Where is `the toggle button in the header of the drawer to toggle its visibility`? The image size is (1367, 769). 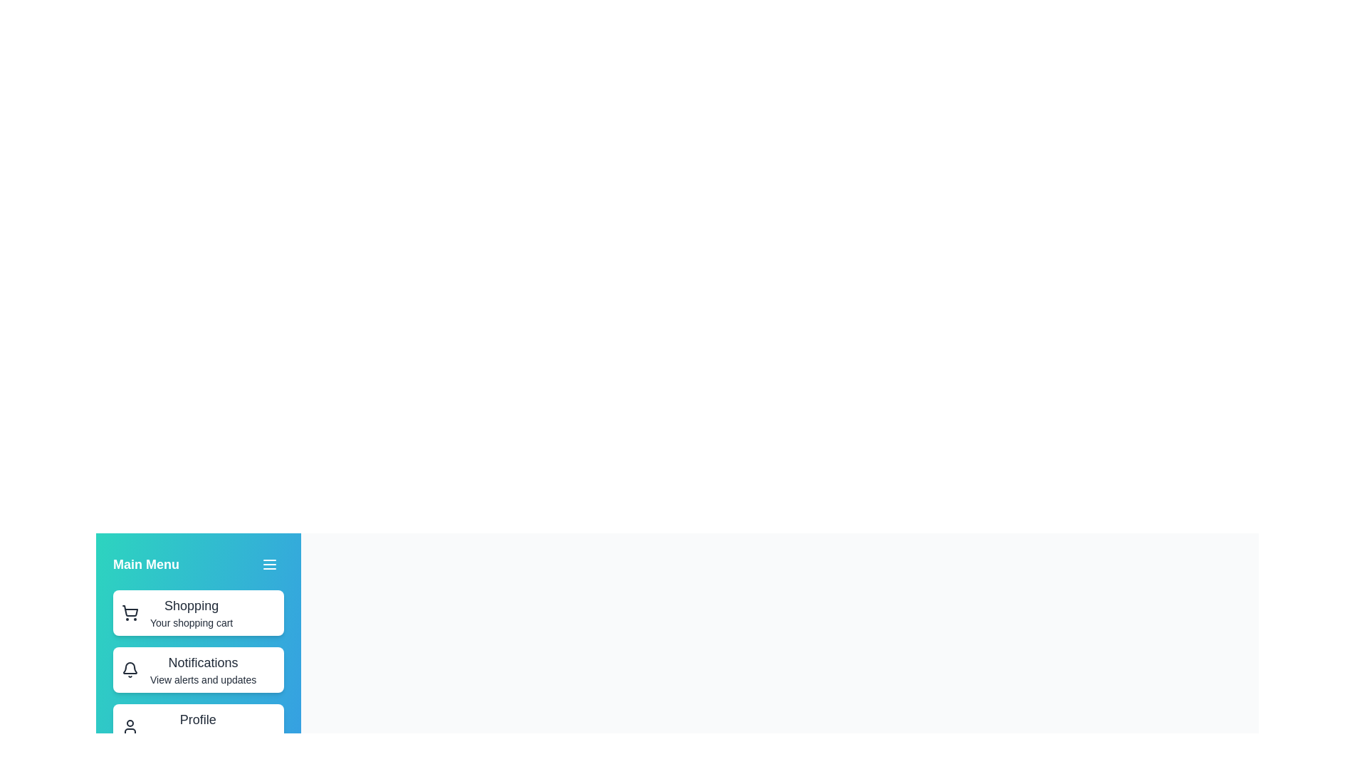 the toggle button in the header of the drawer to toggle its visibility is located at coordinates (270, 564).